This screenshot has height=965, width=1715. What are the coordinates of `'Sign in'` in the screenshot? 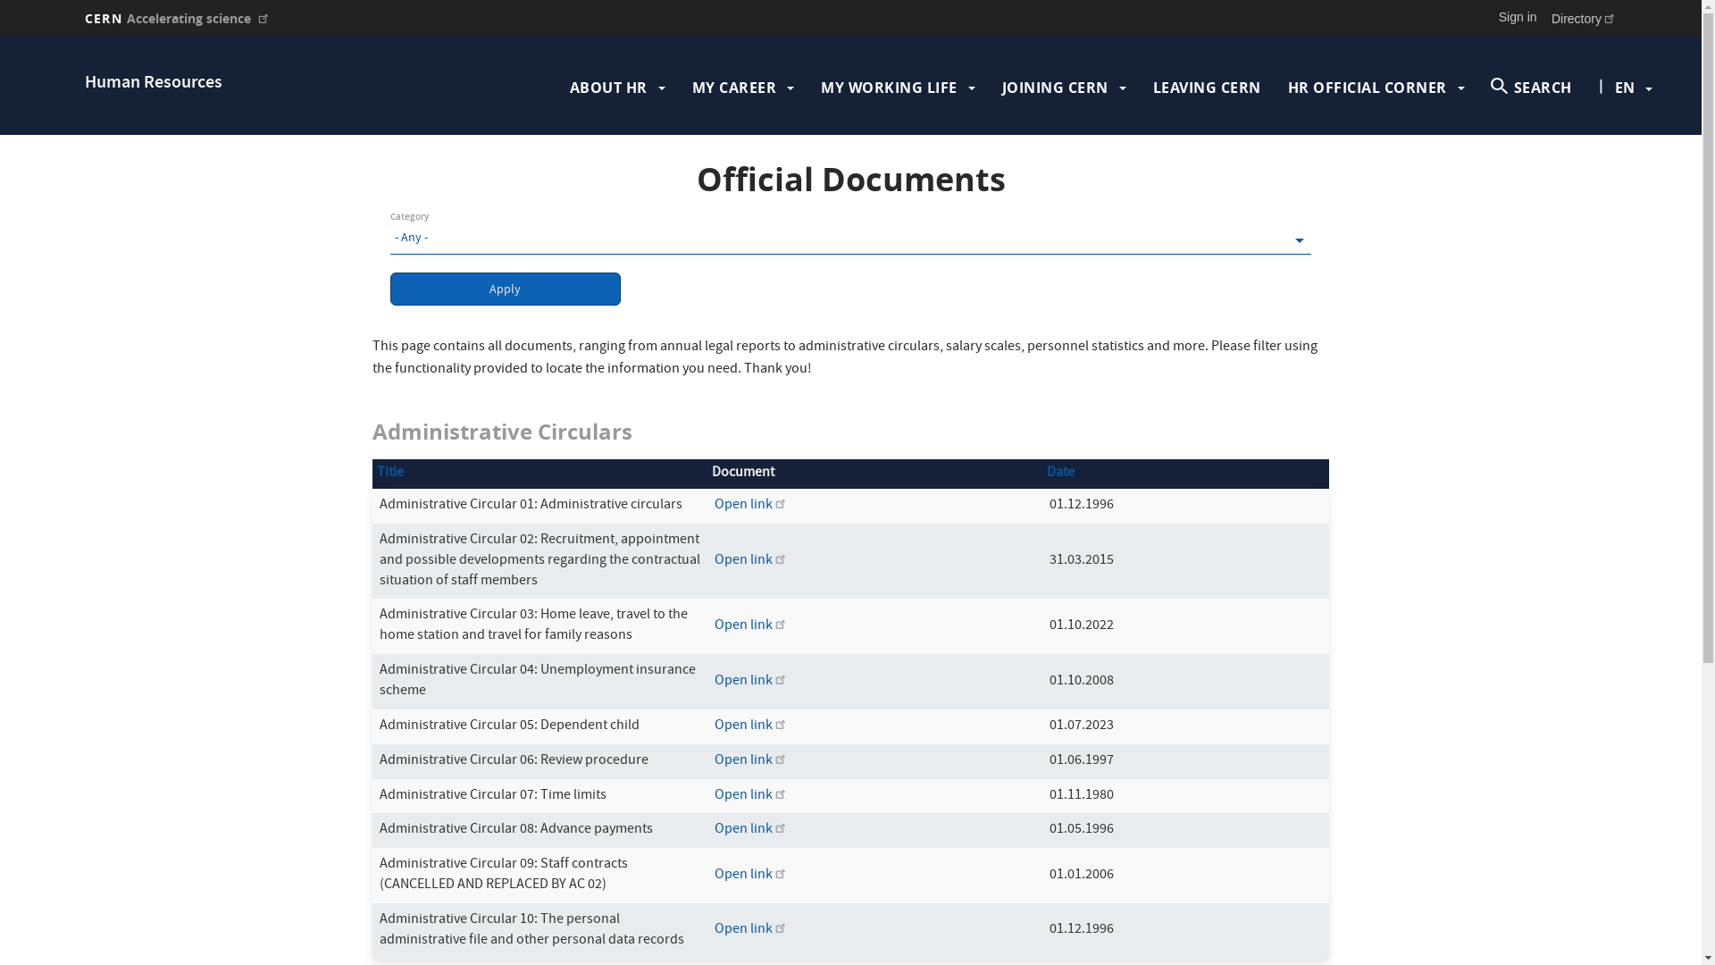 It's located at (1517, 17).